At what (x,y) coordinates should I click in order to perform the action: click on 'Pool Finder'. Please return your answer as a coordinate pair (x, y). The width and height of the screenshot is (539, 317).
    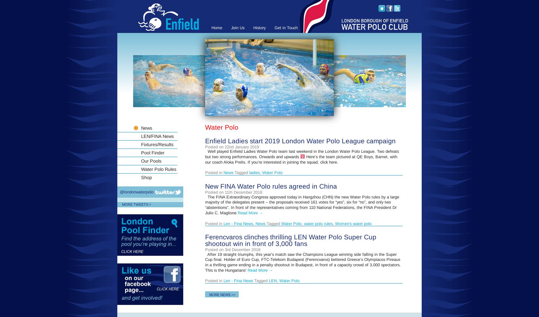
    Looking at the image, I should click on (153, 152).